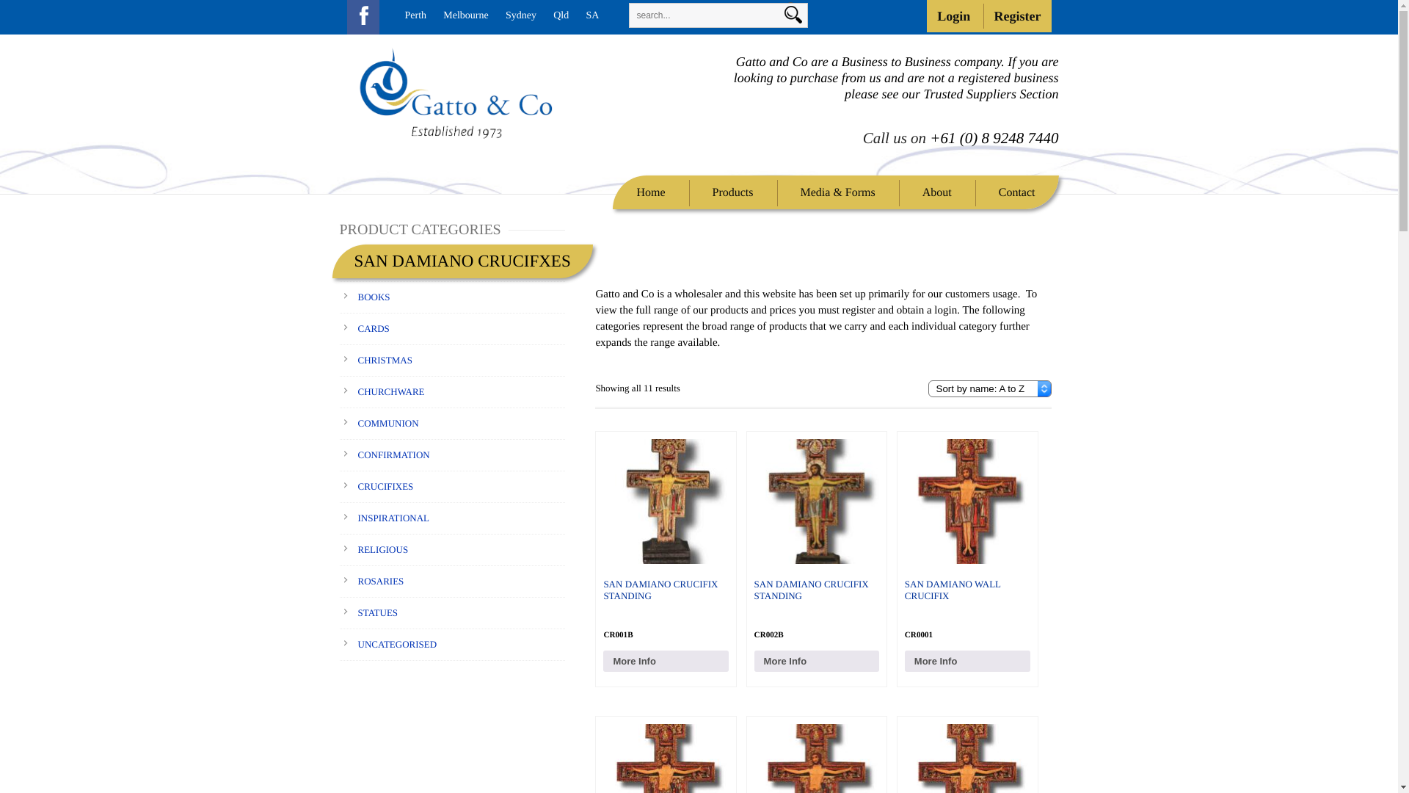 The width and height of the screenshot is (1409, 793). What do you see at coordinates (385, 360) in the screenshot?
I see `'CHRISTMAS'` at bounding box center [385, 360].